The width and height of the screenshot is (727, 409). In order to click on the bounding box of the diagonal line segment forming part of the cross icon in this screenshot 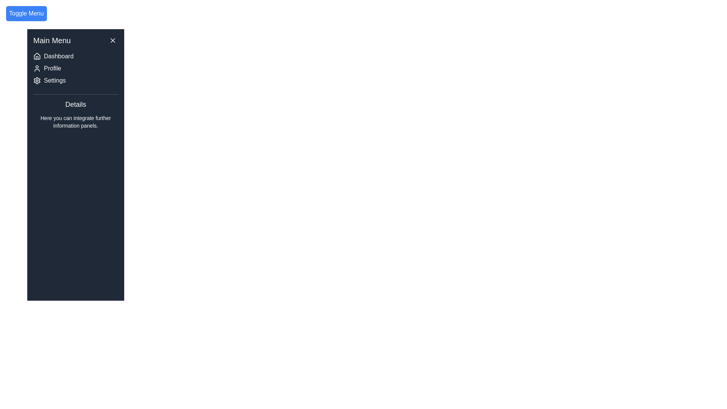, I will do `click(112, 41)`.